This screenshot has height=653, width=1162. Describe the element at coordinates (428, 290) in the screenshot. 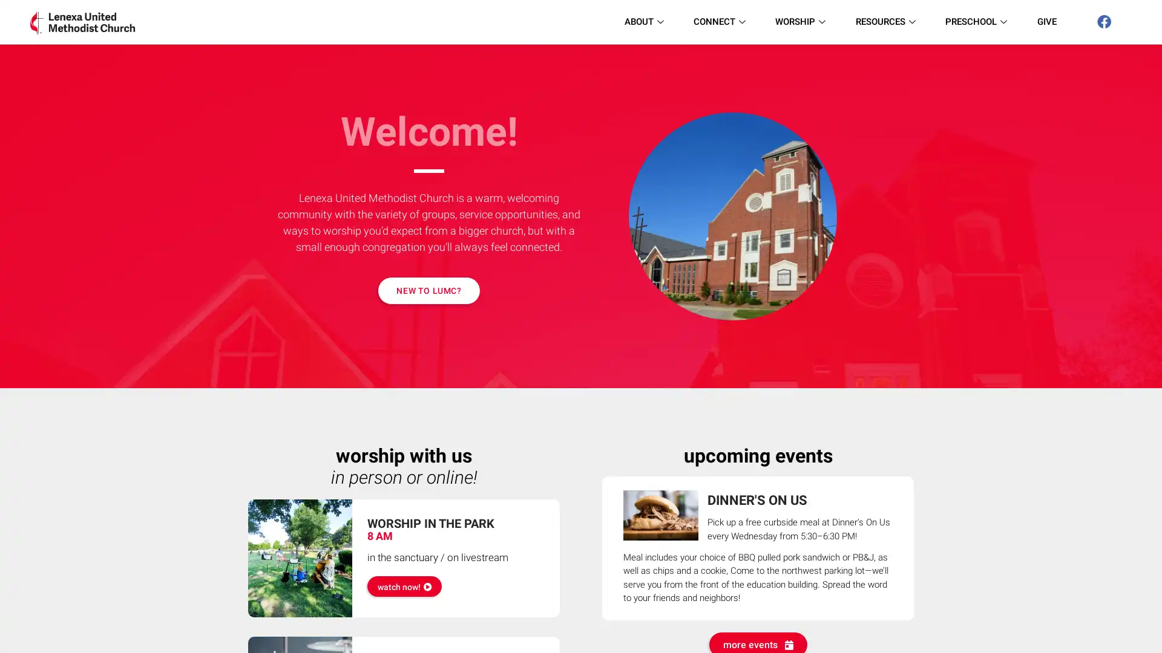

I see `NEW TO LUMC?` at that location.